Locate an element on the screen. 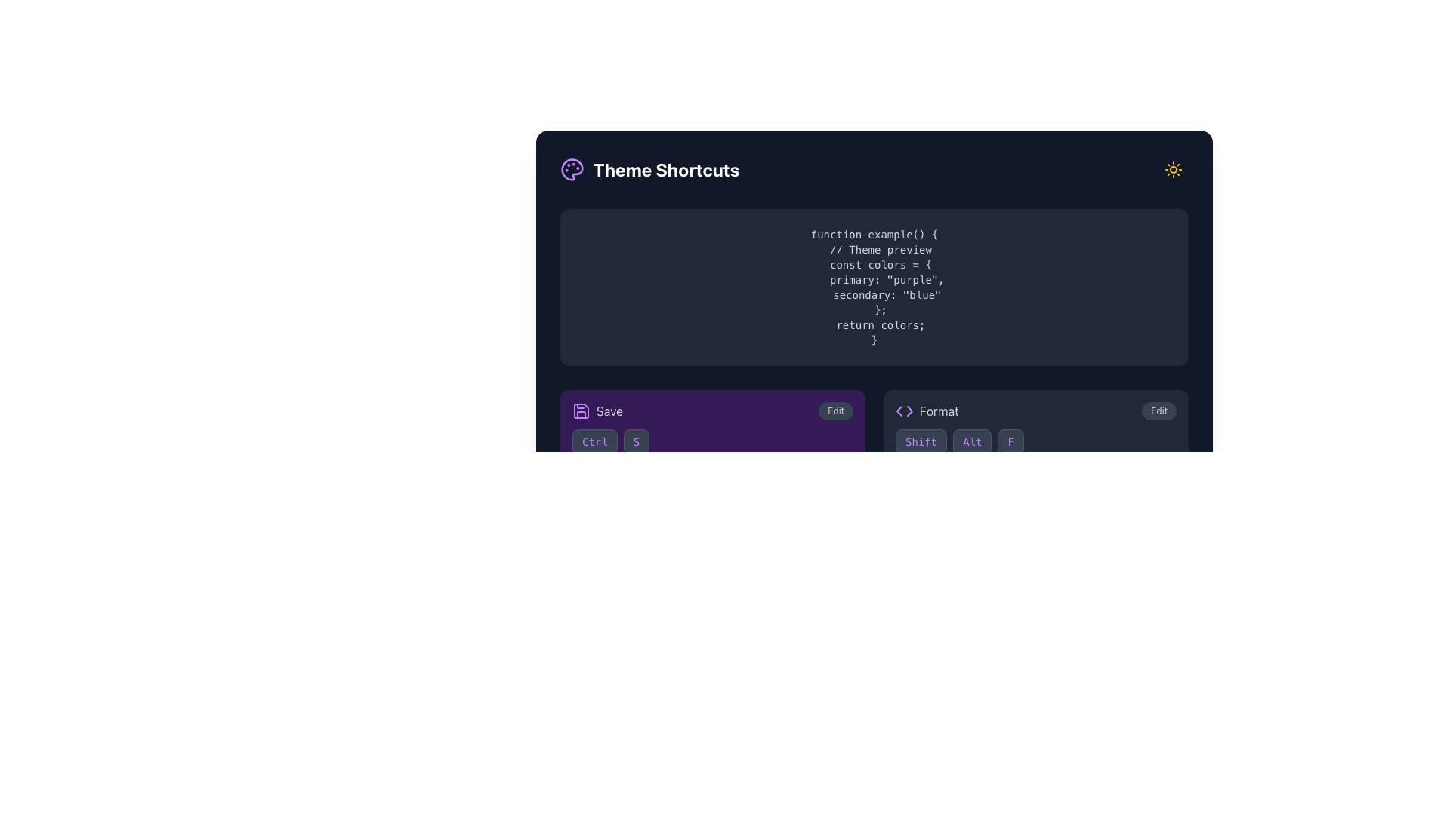 Image resolution: width=1450 pixels, height=815 pixels. the label for the save functionality located to the right of the floppy disk icon is located at coordinates (609, 411).